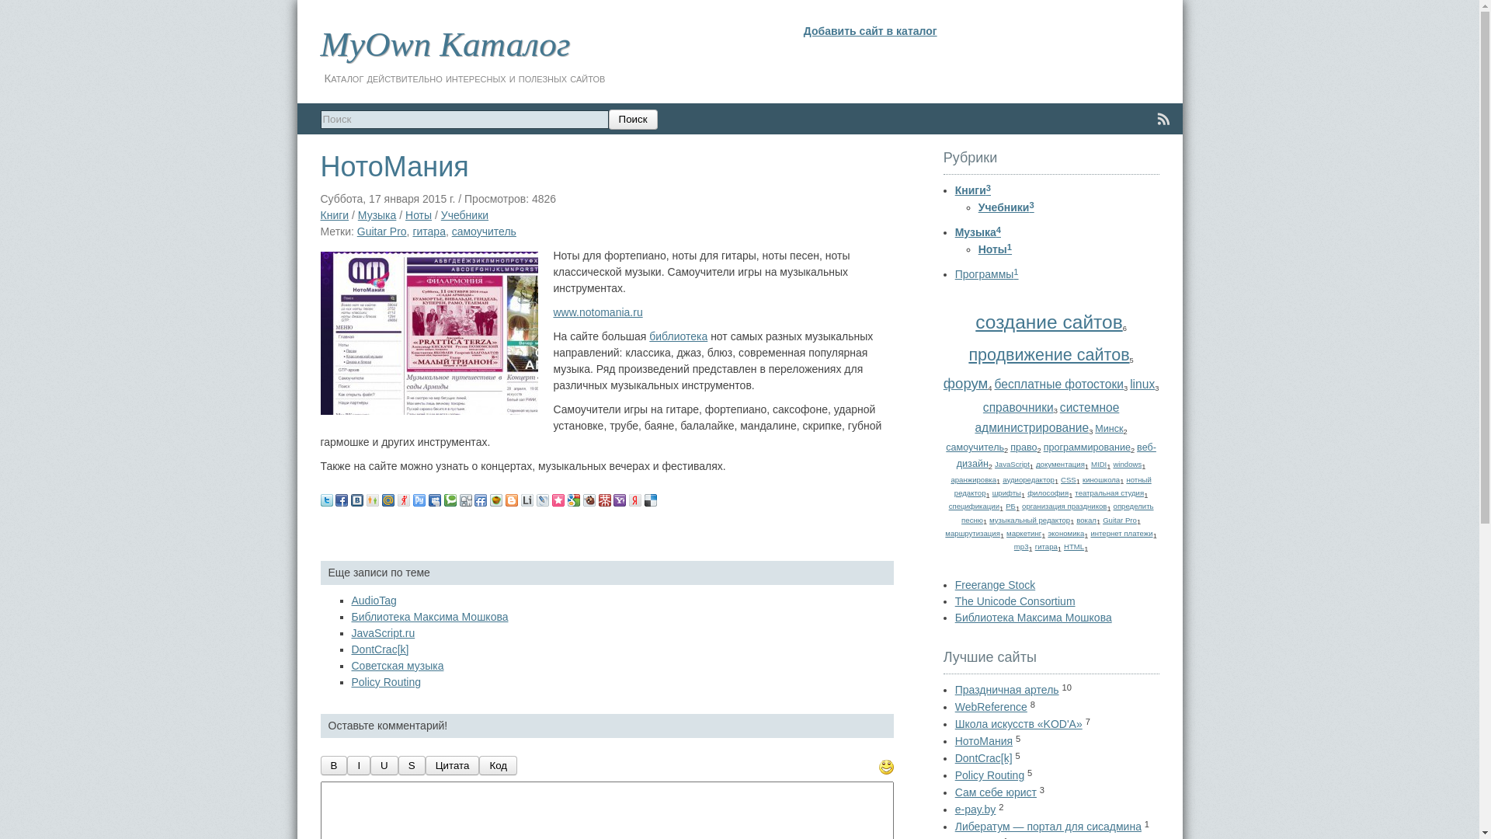 The height and width of the screenshot is (839, 1491). What do you see at coordinates (346, 764) in the screenshot?
I see `'I'` at bounding box center [346, 764].